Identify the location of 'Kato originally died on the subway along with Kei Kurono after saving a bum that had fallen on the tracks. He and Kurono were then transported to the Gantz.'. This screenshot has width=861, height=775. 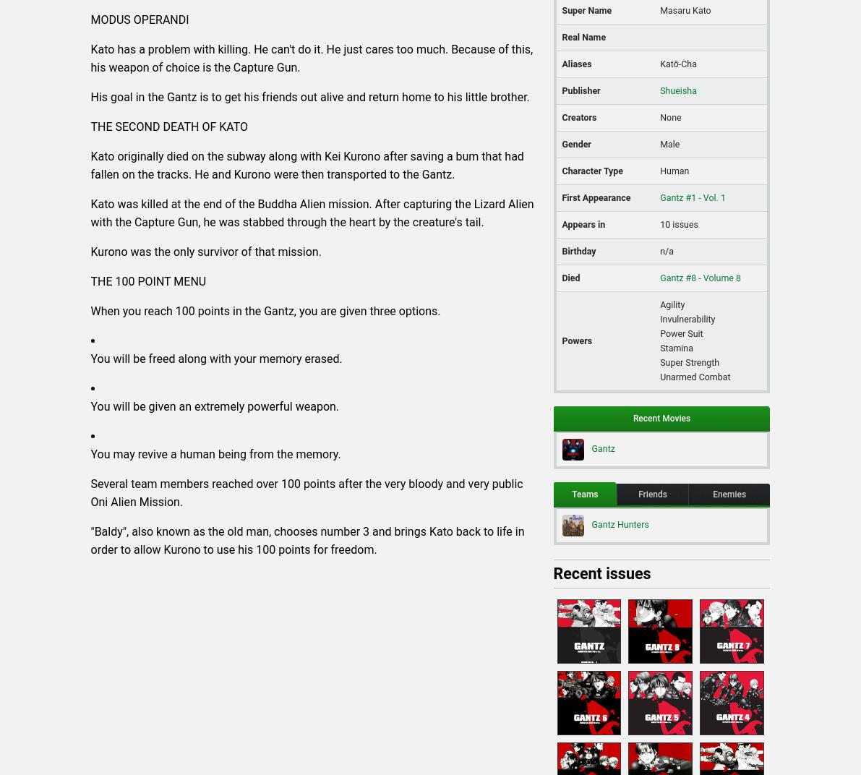
(306, 165).